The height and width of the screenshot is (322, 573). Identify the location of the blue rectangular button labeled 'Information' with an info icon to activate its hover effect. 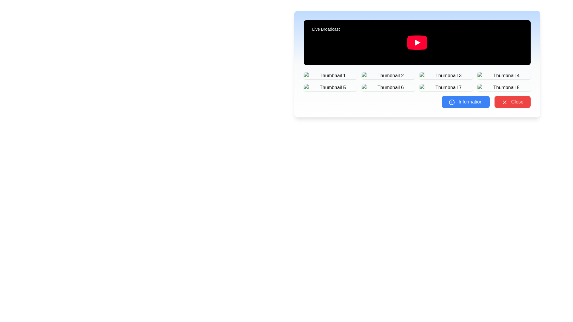
(465, 102).